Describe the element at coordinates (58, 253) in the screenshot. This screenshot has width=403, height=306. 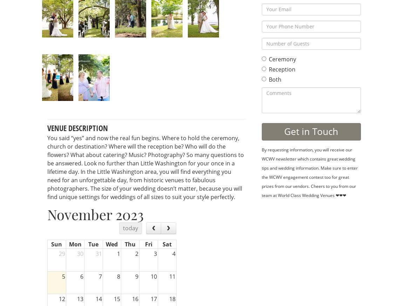
I see `'29'` at that location.